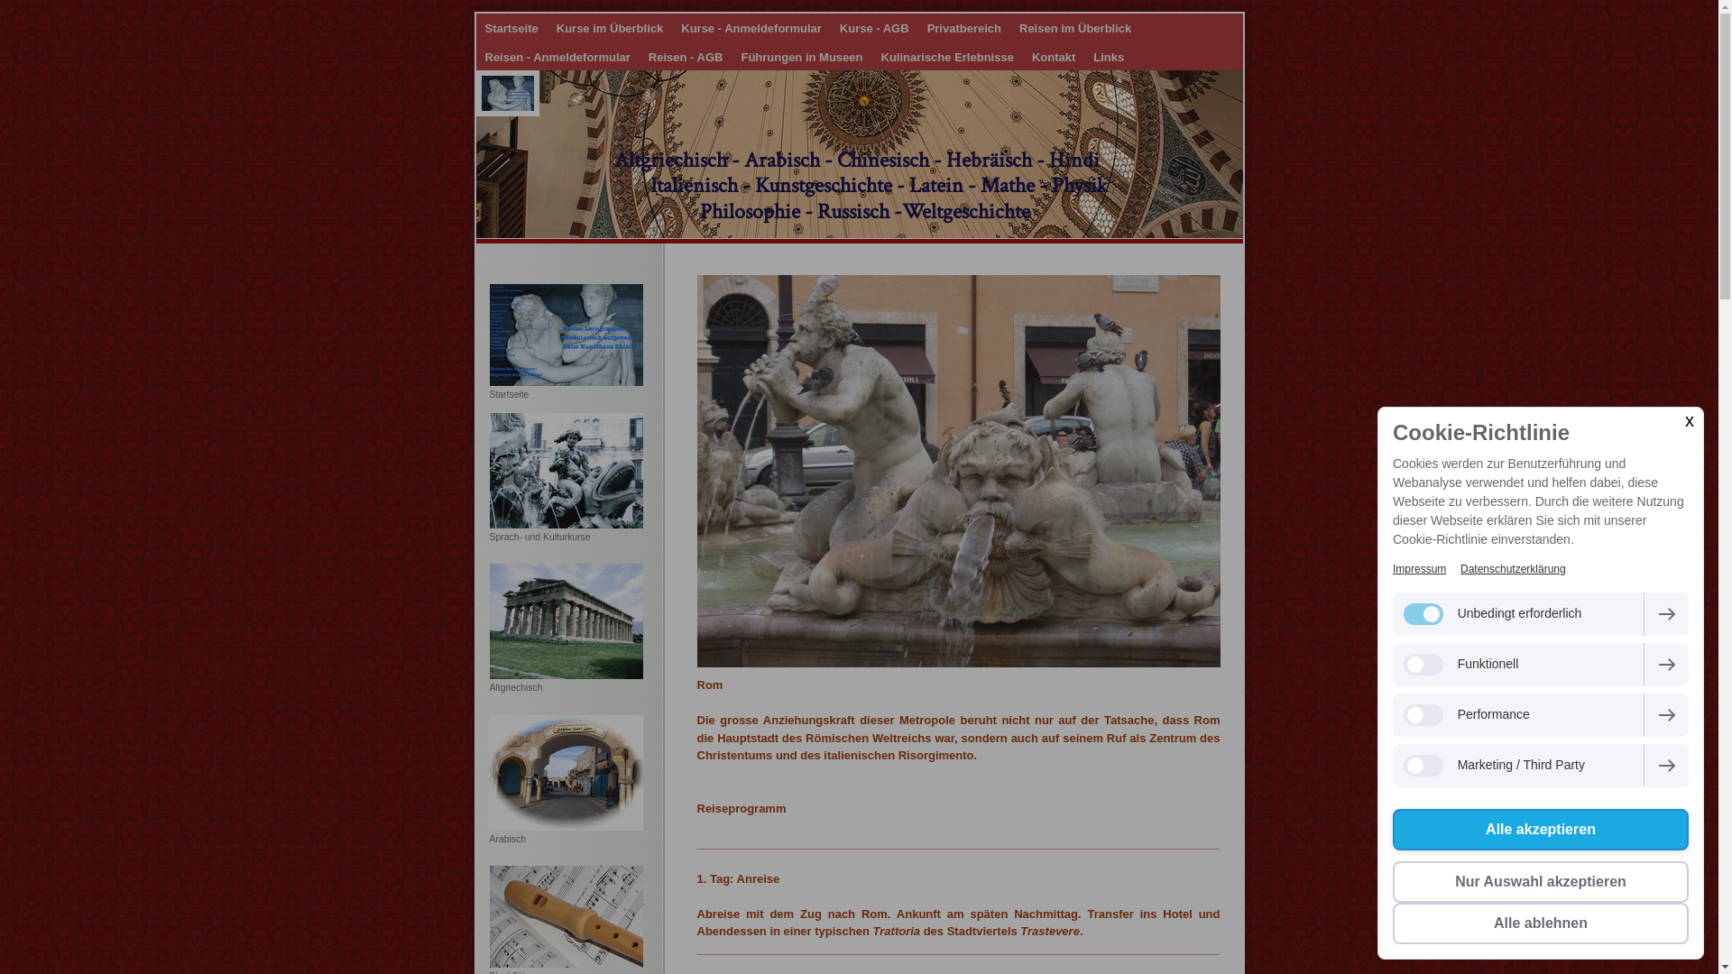 This screenshot has width=1732, height=974. I want to click on 'Startseite', so click(511, 28).